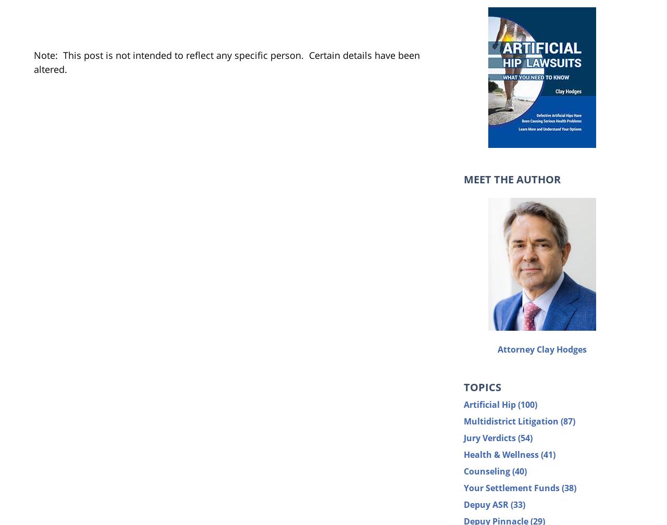  What do you see at coordinates (481, 386) in the screenshot?
I see `'Topics'` at bounding box center [481, 386].